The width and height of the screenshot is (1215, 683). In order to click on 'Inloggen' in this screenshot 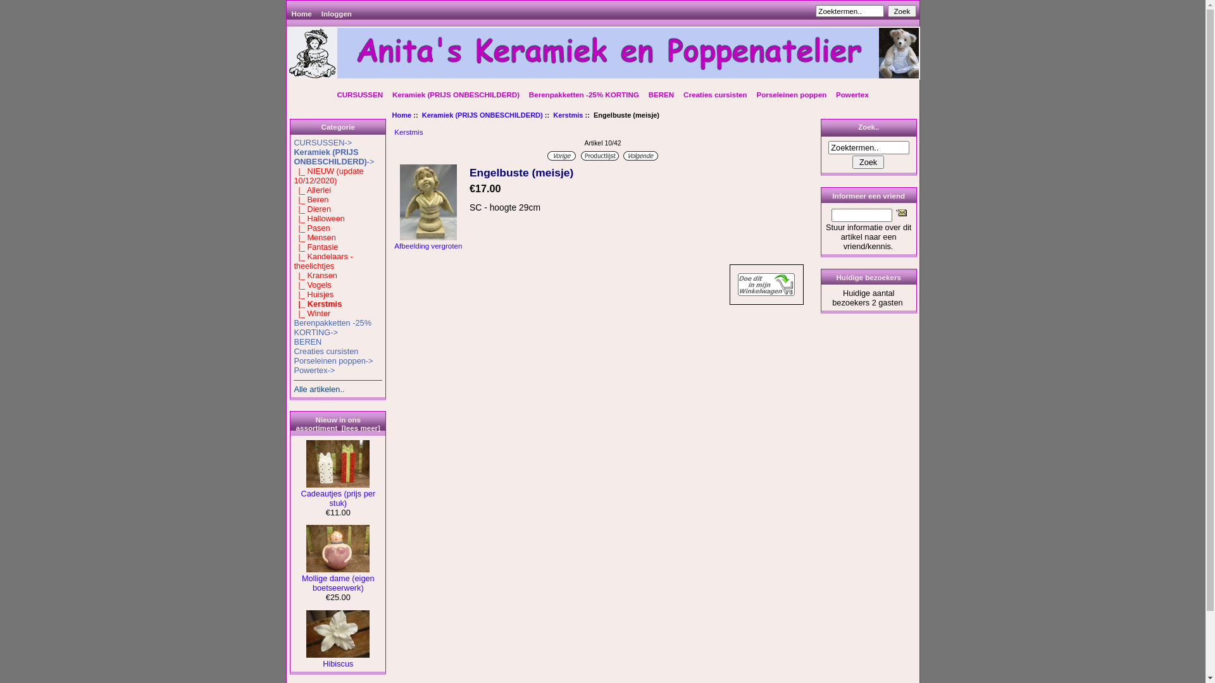, I will do `click(337, 13)`.